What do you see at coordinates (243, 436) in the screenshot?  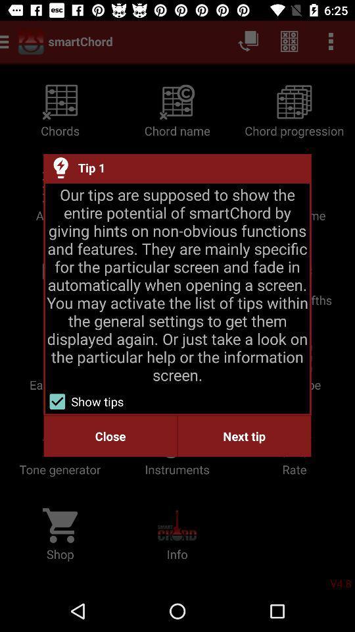 I see `item below show tips item` at bounding box center [243, 436].